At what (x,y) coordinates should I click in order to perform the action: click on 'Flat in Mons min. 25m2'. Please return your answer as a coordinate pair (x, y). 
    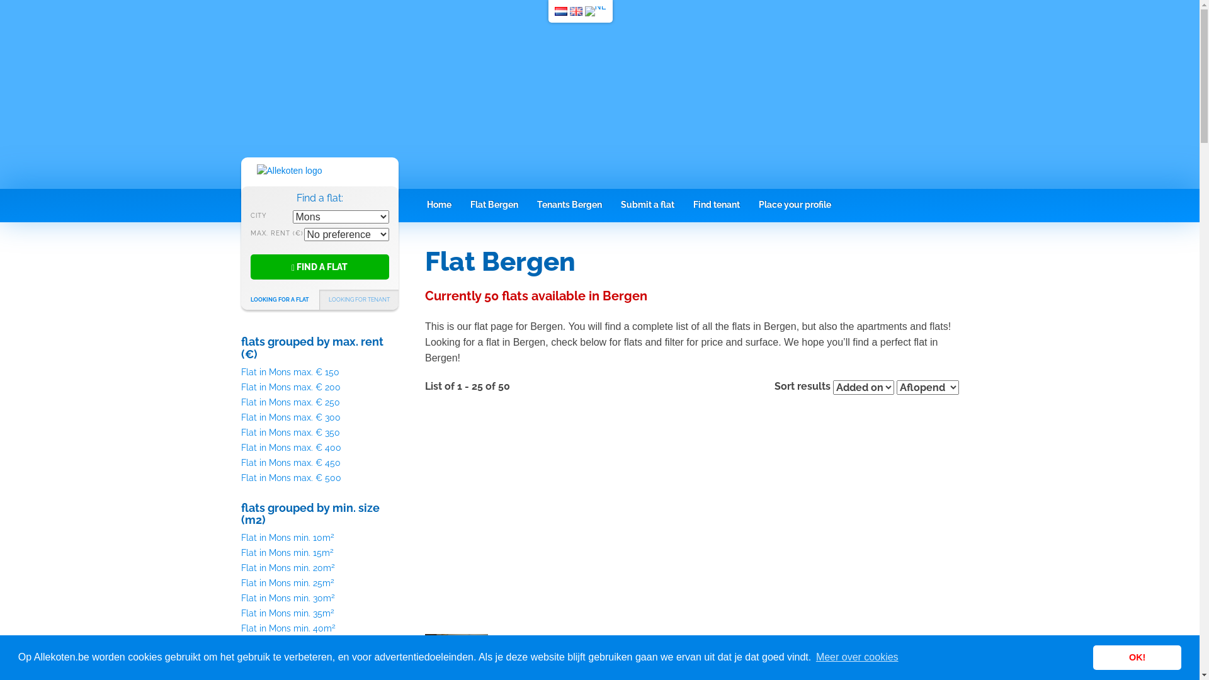
    Looking at the image, I should click on (287, 582).